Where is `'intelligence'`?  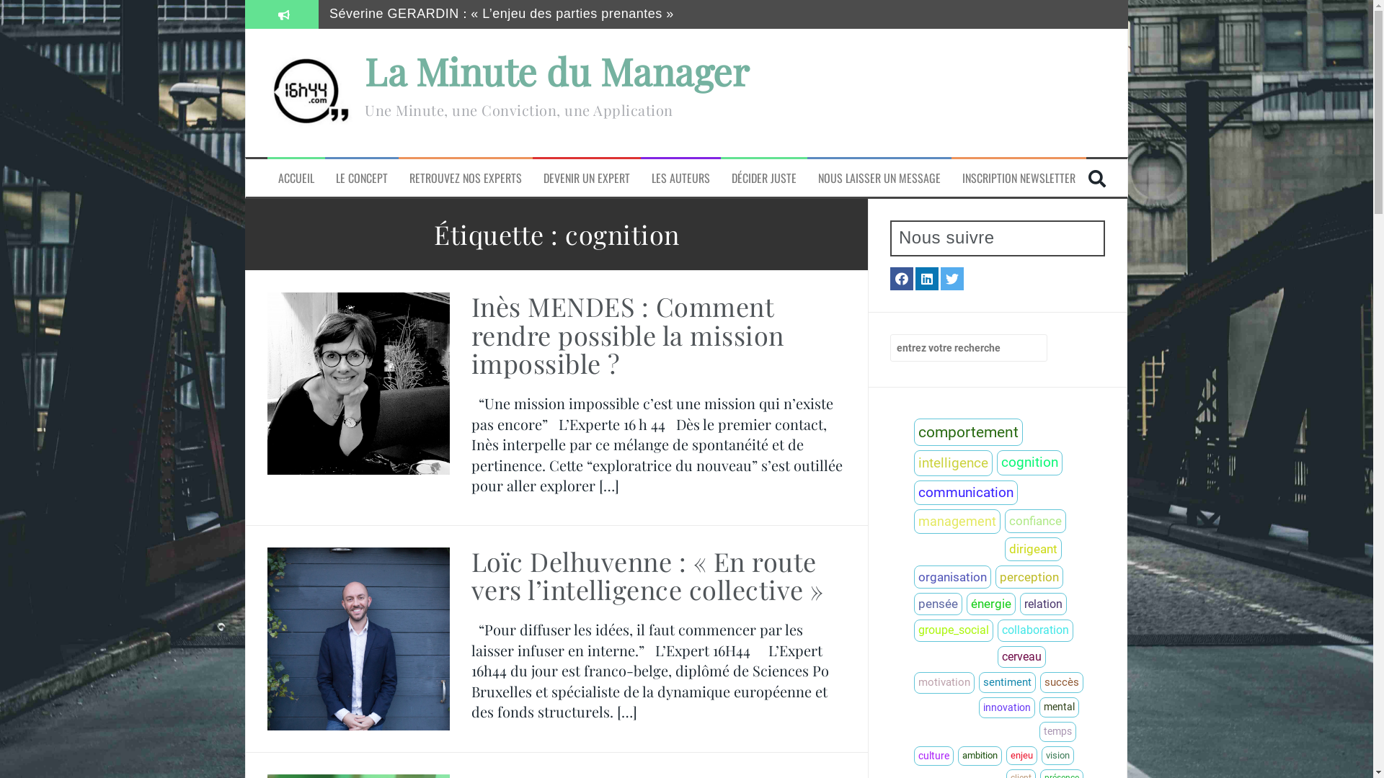
'intelligence' is located at coordinates (953, 463).